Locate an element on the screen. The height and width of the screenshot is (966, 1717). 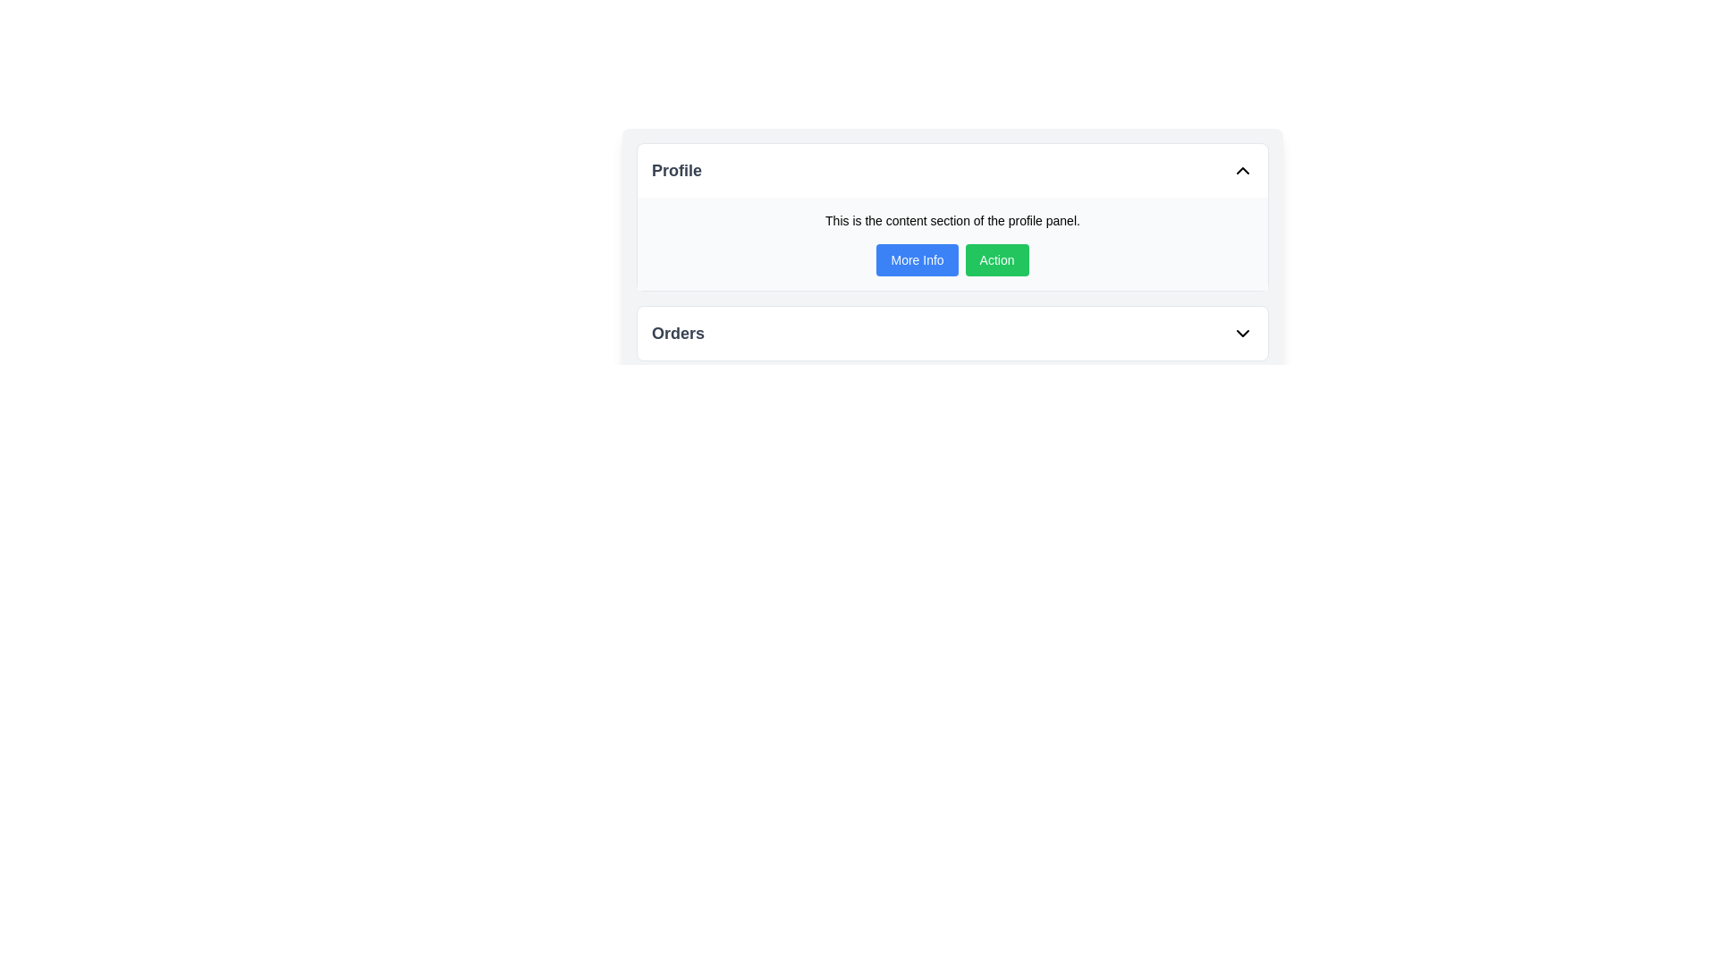
the chevron icon on the rightmost side of the 'Profile' section header is located at coordinates (1242, 171).